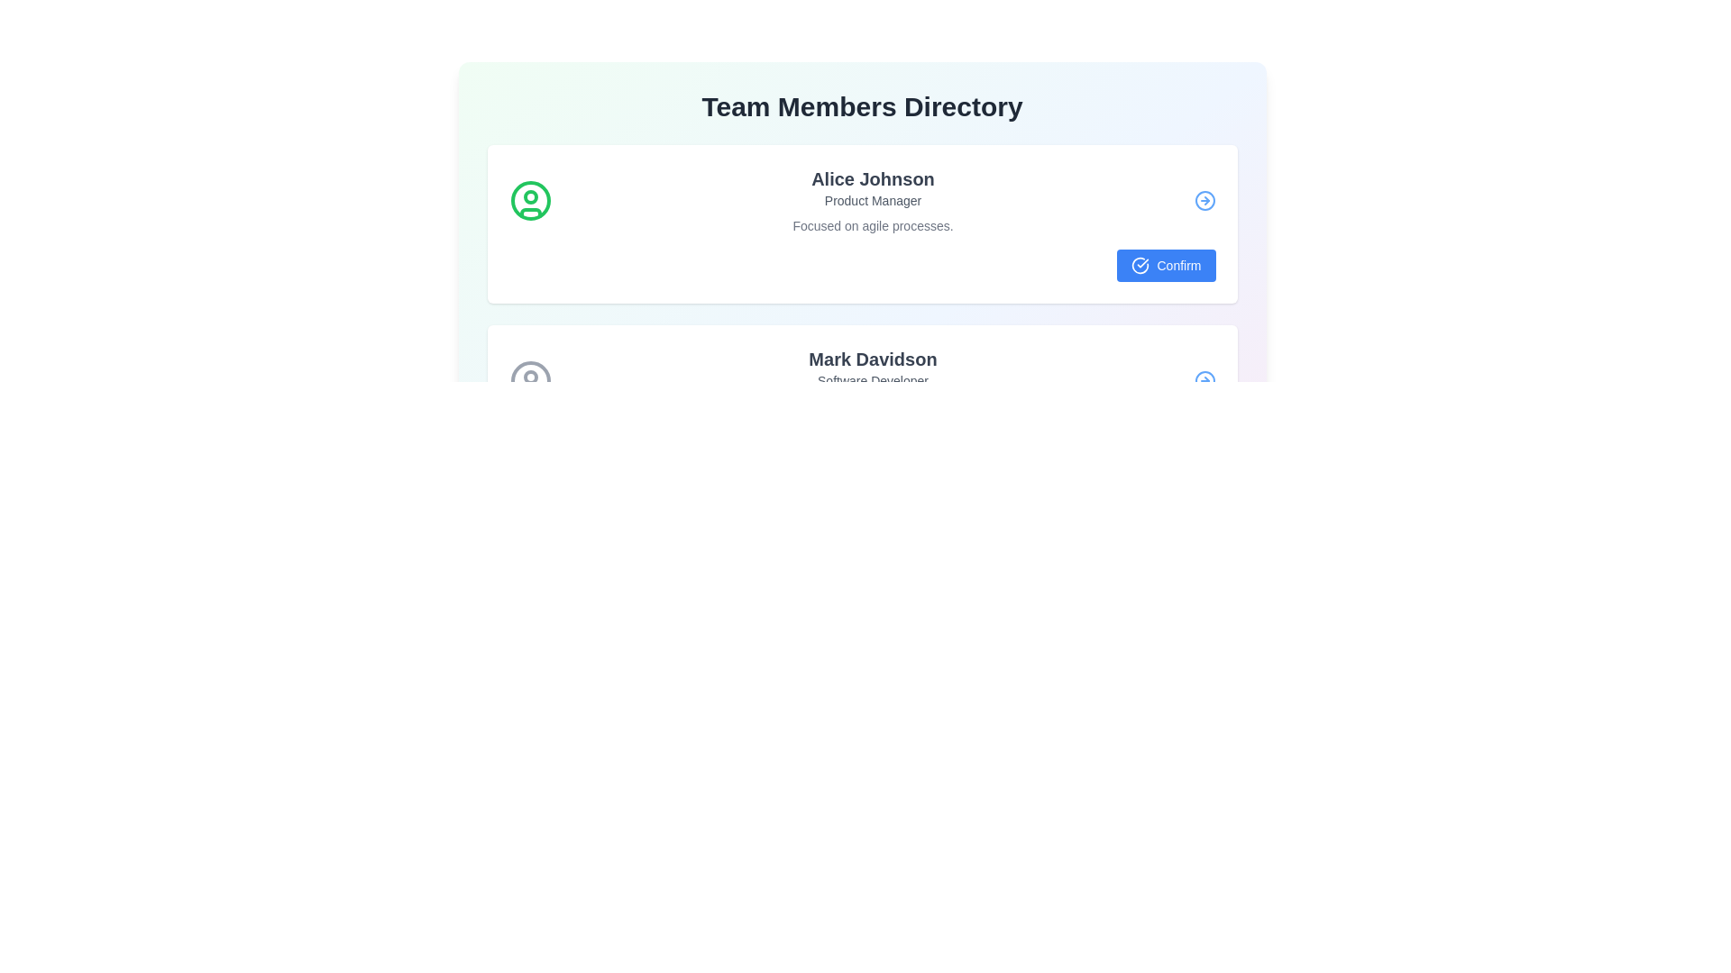 The image size is (1731, 973). Describe the element at coordinates (1204, 201) in the screenshot. I see `the arrow icon next to the member Alice Johnson` at that location.